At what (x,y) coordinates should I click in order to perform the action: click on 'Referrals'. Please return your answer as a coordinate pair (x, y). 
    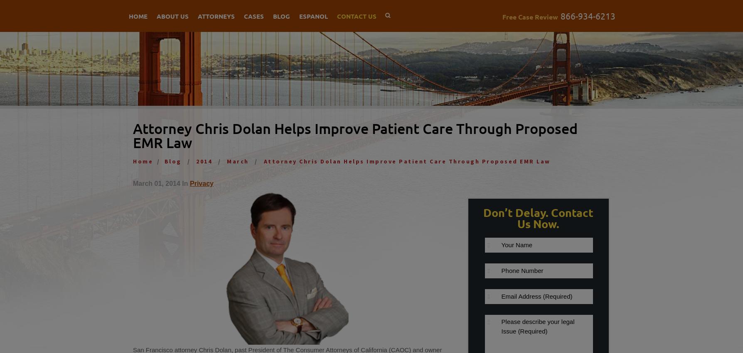
    Looking at the image, I should click on (176, 153).